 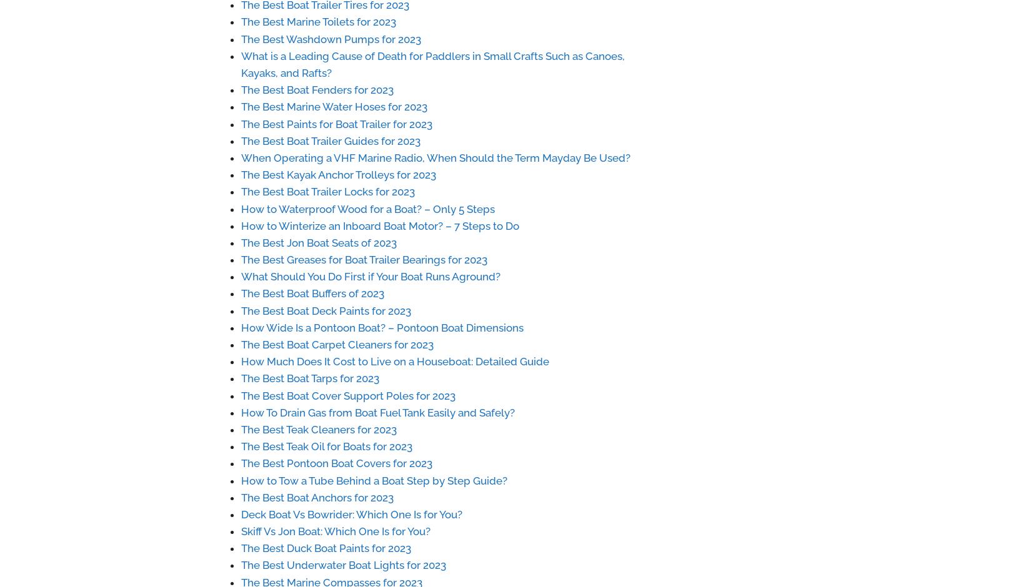 I want to click on 'When Operating a VHF Marine Radio, When Should the Term Mayday Be Used?', so click(x=435, y=157).